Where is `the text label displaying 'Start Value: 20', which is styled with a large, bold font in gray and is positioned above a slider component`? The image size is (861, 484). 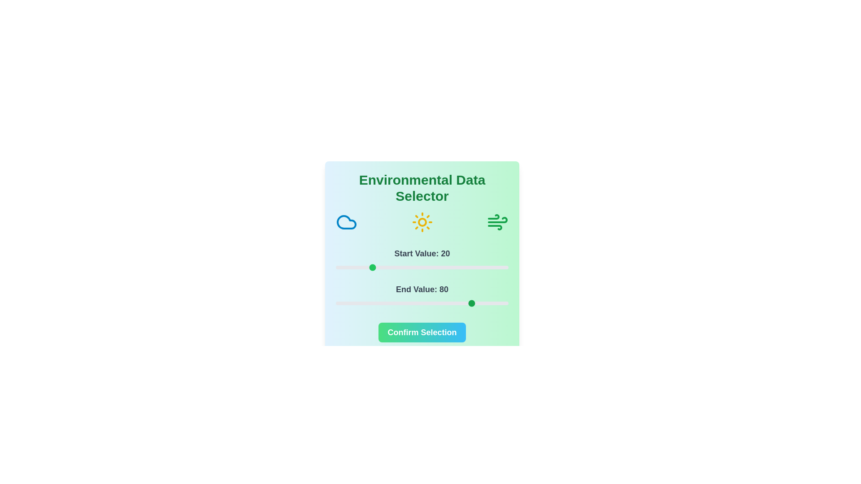 the text label displaying 'Start Value: 20', which is styled with a large, bold font in gray and is positioned above a slider component is located at coordinates (422, 254).